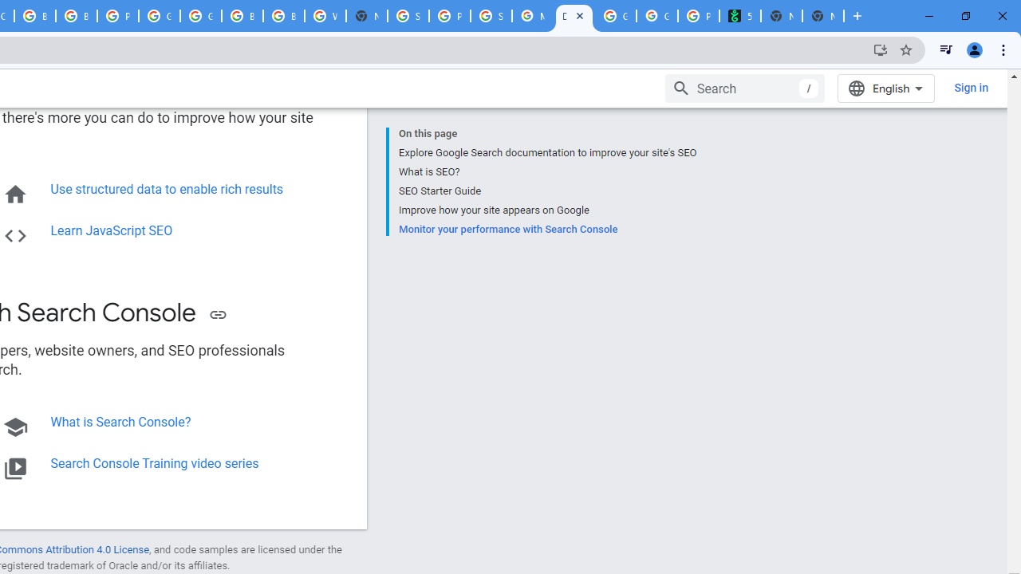 Image resolution: width=1021 pixels, height=574 pixels. Describe the element at coordinates (880, 49) in the screenshot. I see `'Install Google Developers'` at that location.